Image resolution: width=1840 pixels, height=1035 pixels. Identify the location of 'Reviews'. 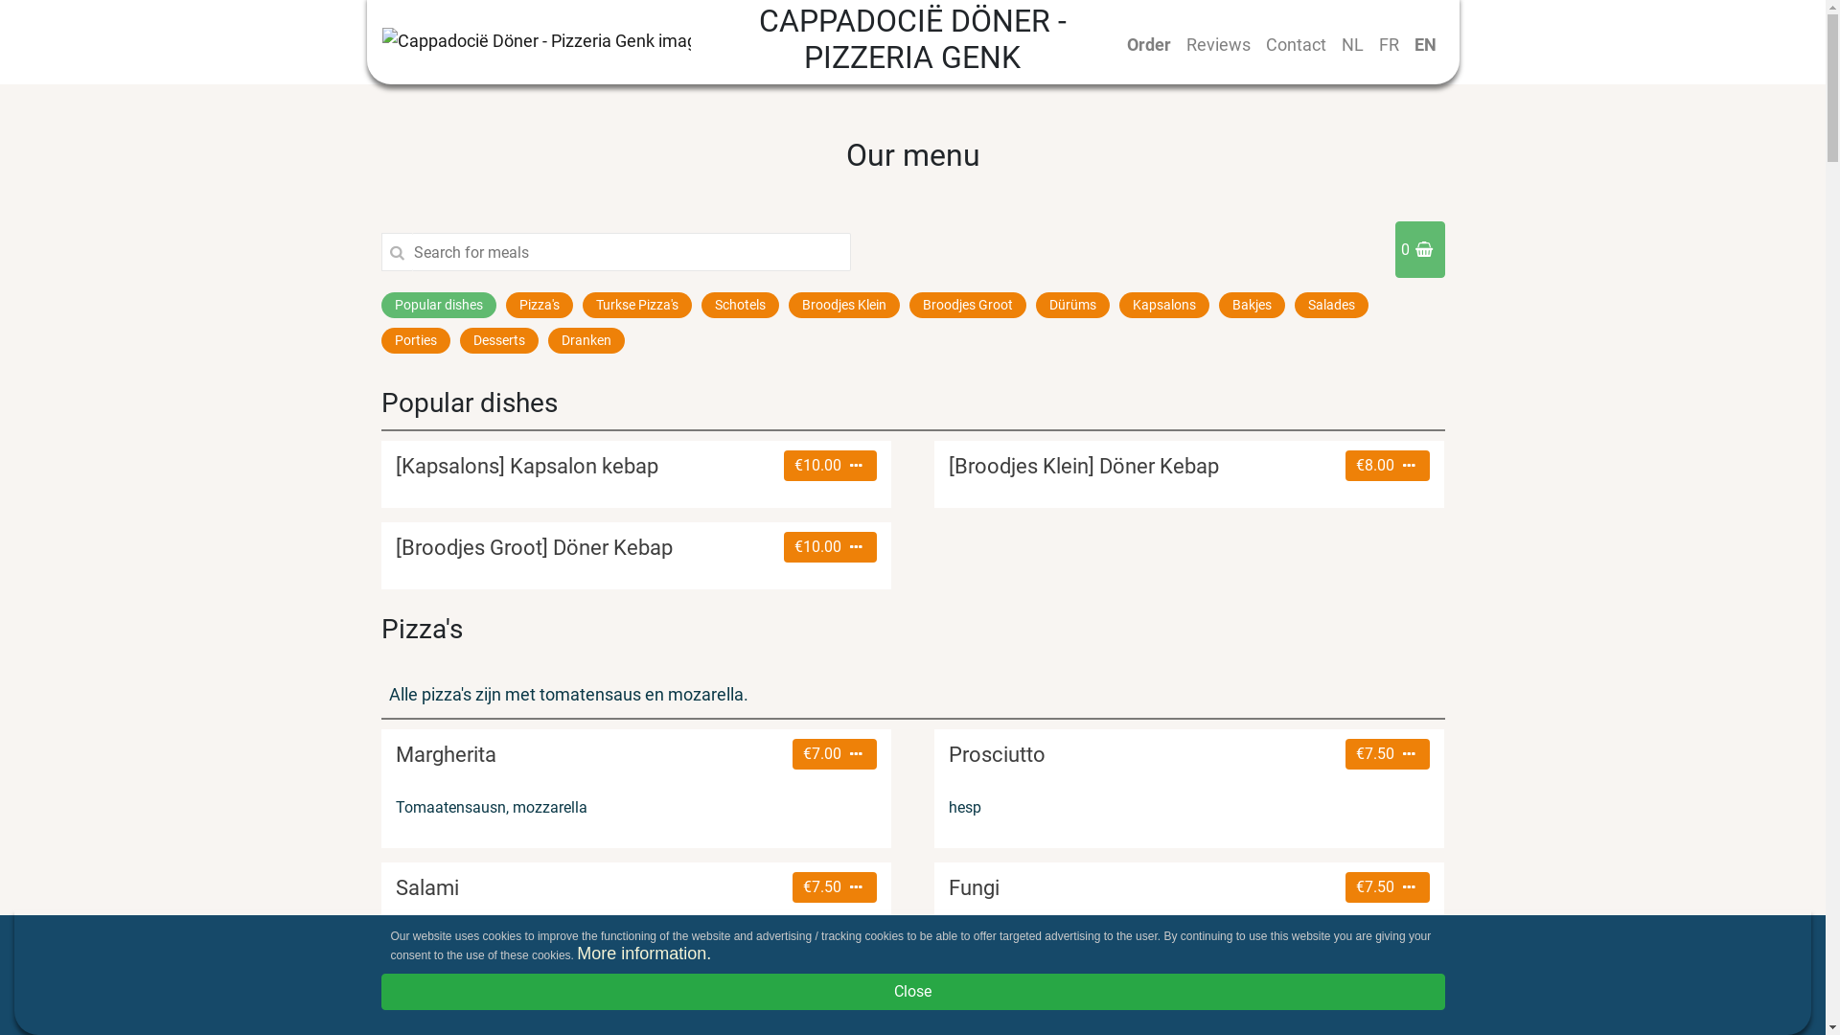
(1217, 43).